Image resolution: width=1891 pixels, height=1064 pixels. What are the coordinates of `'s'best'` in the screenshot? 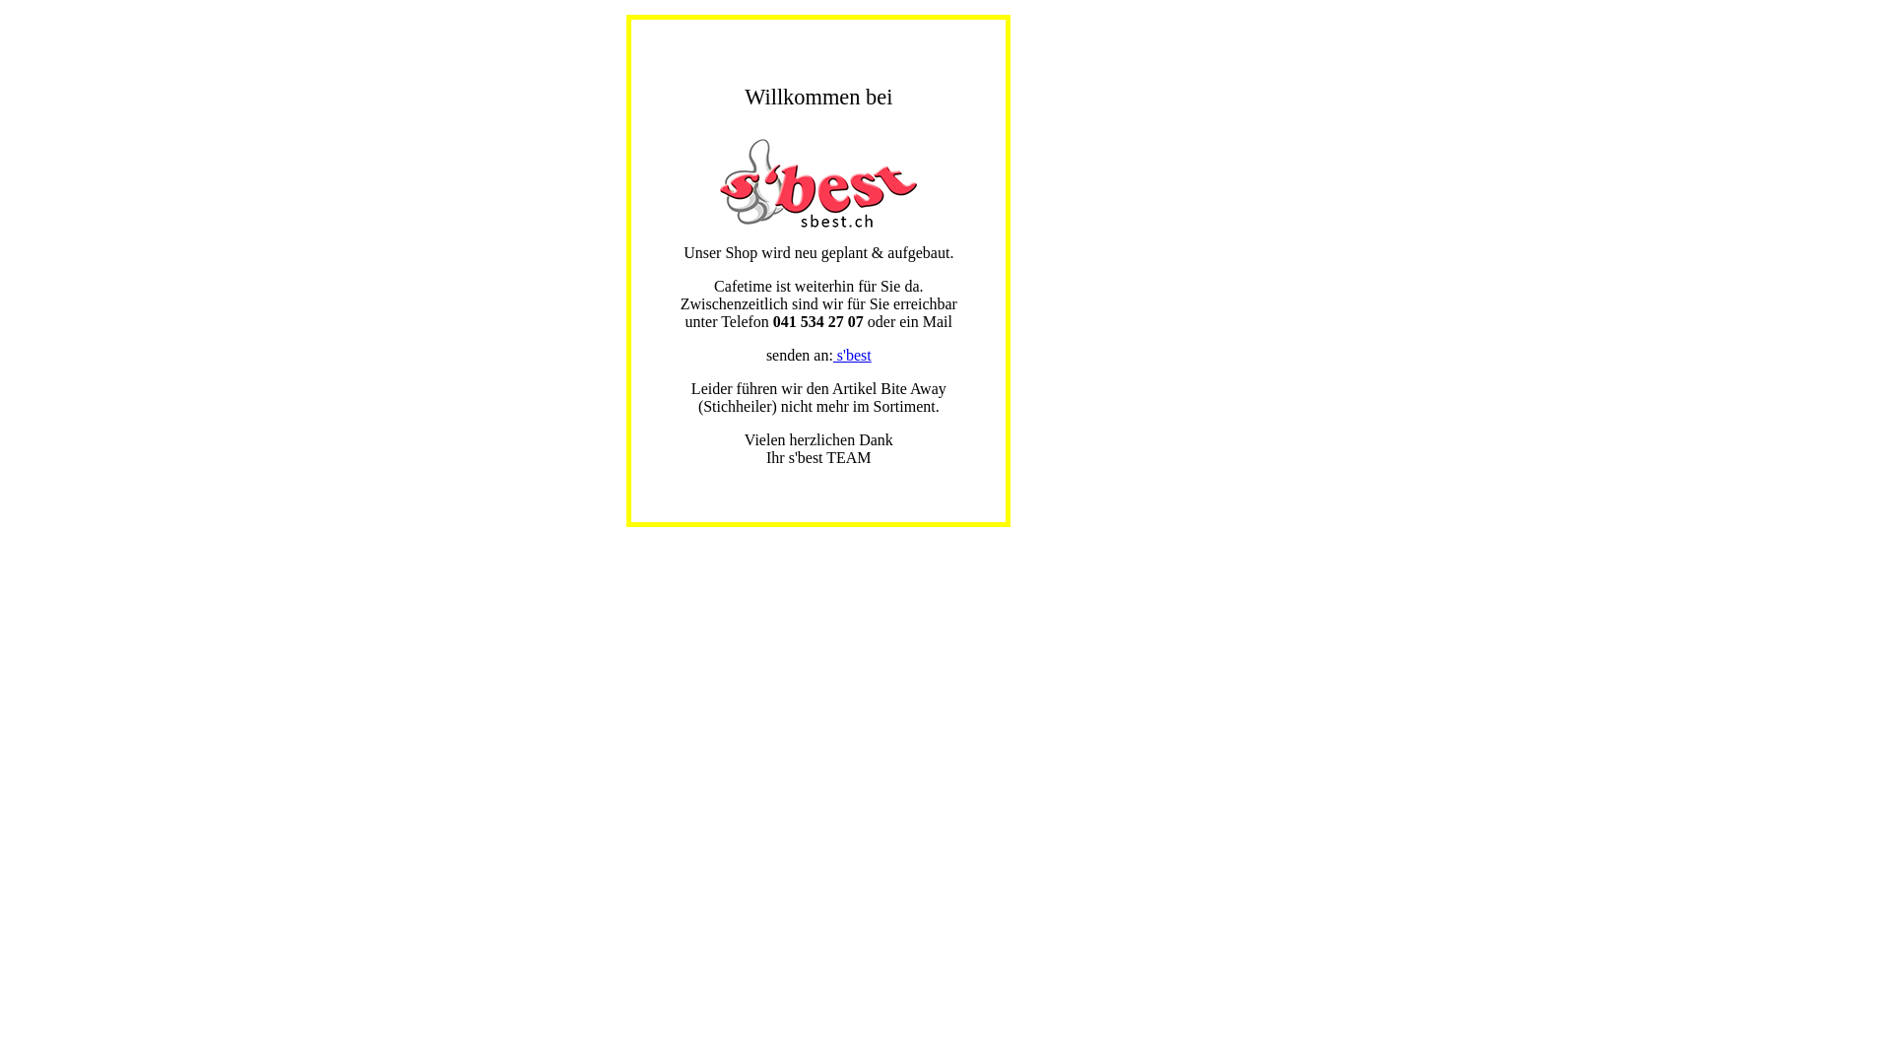 It's located at (852, 355).